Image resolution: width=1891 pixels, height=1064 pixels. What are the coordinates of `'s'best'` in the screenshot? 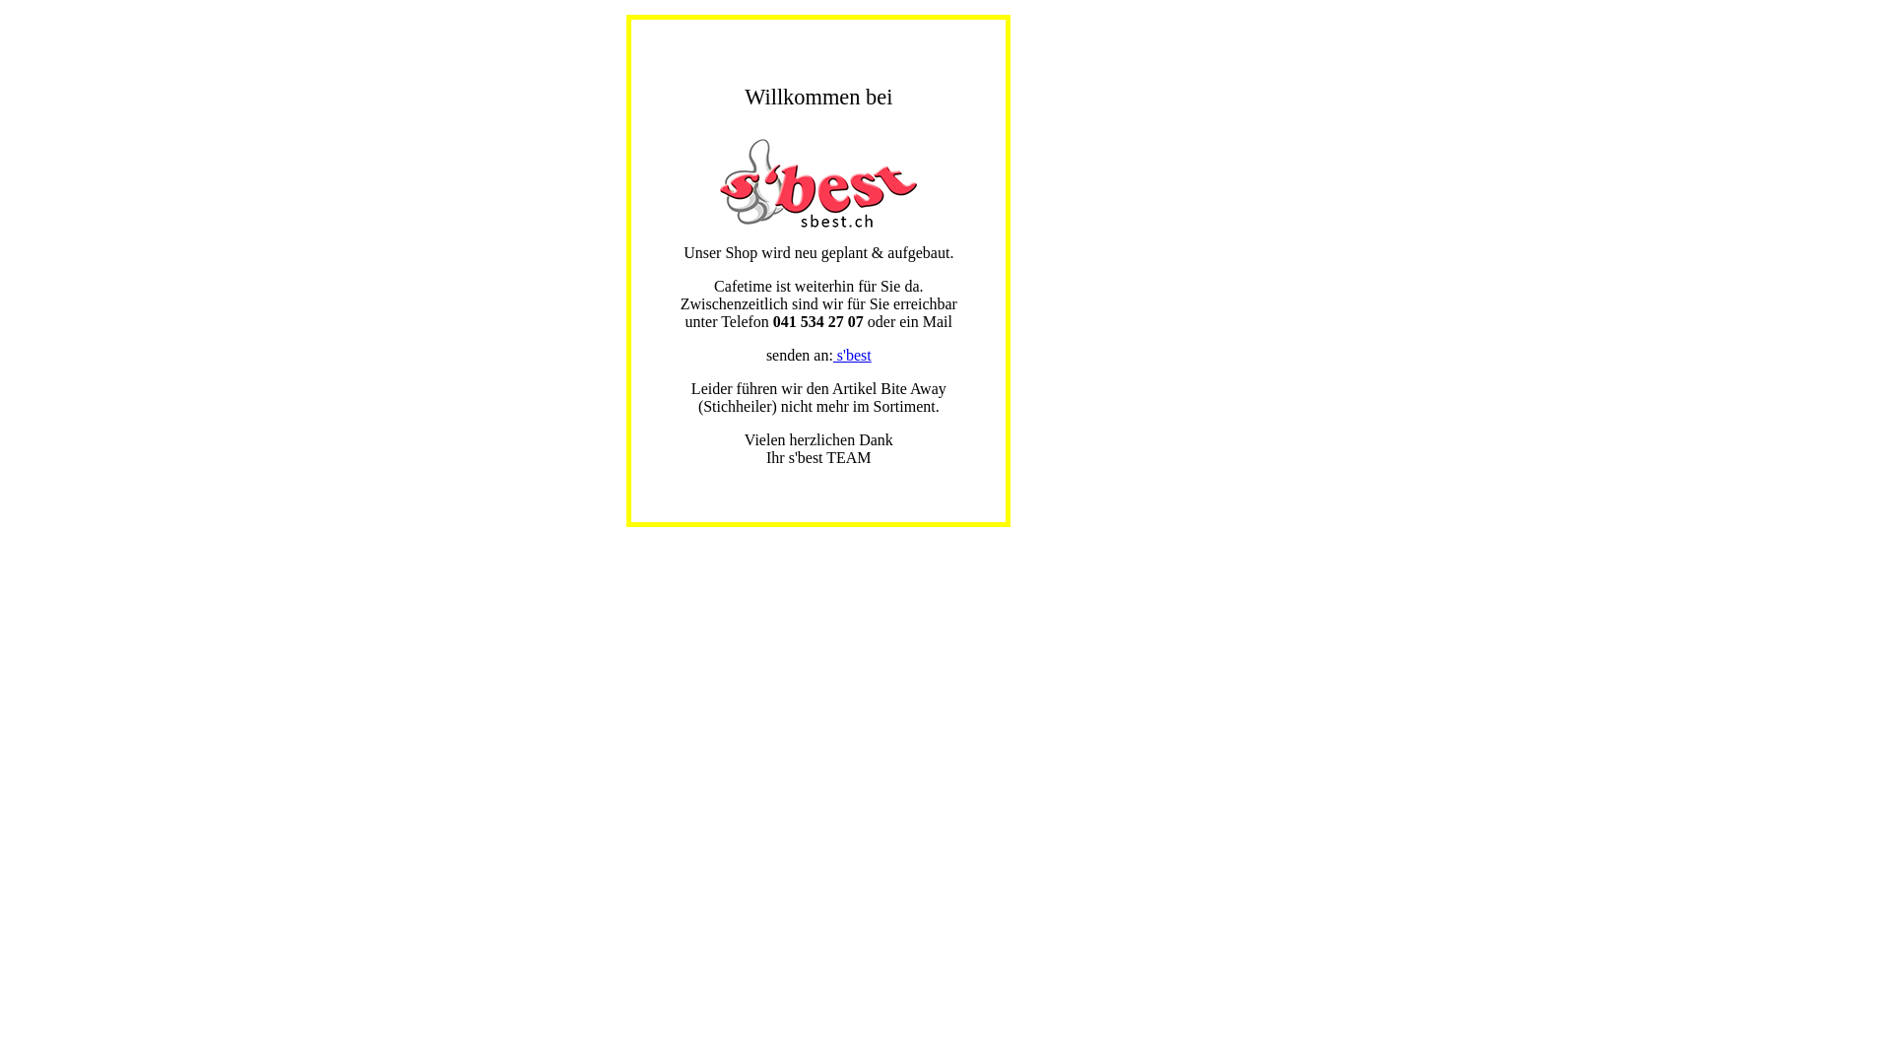 It's located at (852, 355).